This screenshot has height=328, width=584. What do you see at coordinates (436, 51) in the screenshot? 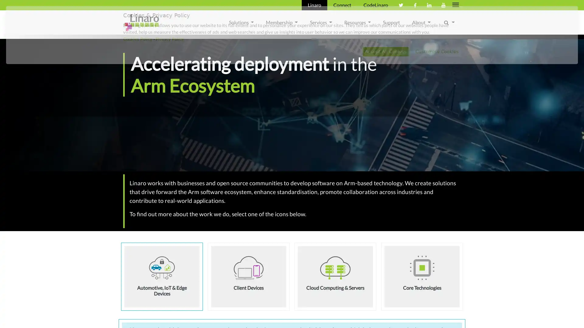
I see `Customise Cookies` at bounding box center [436, 51].